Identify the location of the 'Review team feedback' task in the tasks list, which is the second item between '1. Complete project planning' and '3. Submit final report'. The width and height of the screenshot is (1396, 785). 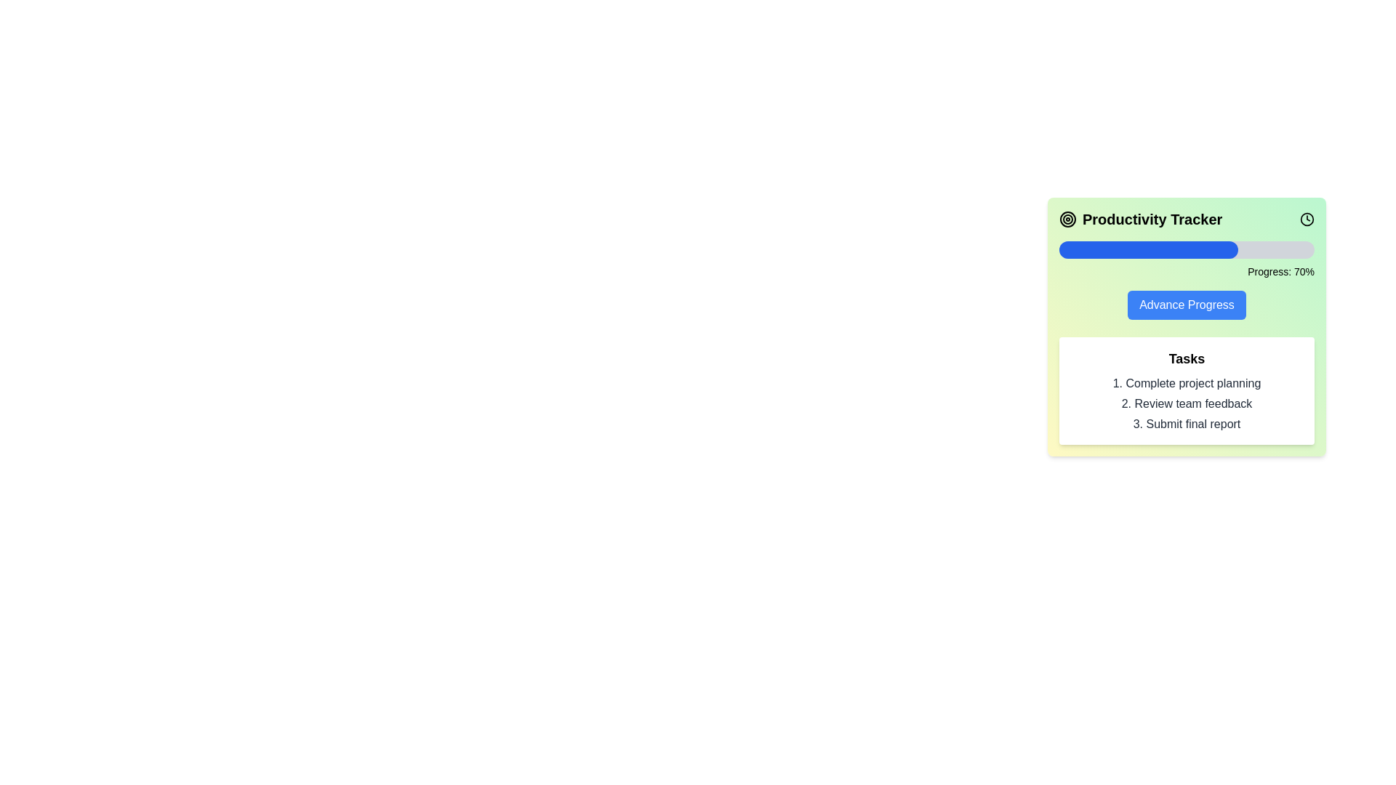
(1187, 403).